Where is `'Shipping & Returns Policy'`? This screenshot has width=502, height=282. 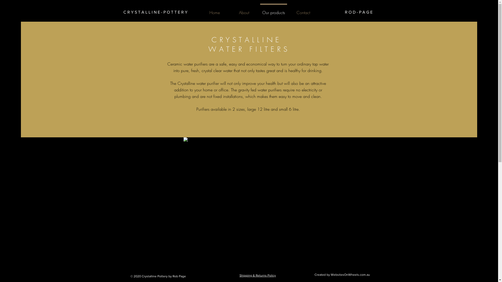
'Shipping & Returns Policy' is located at coordinates (258, 275).